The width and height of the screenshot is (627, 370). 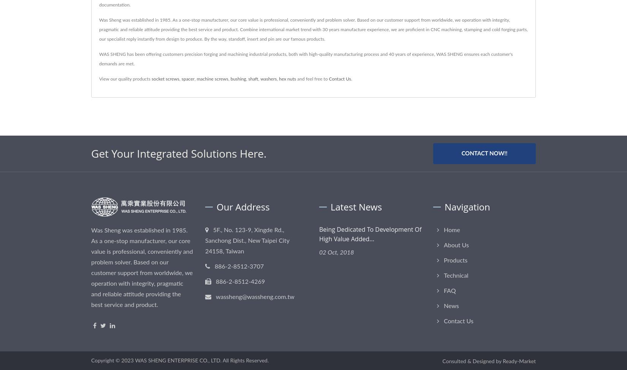 I want to click on 'WAS SHENG has been offering customers precision forging and machining industrial products, both with high-quality manufacturing process and 40 years of experience, WAS SHENG ensures each customer's demands are met.', so click(x=306, y=59).